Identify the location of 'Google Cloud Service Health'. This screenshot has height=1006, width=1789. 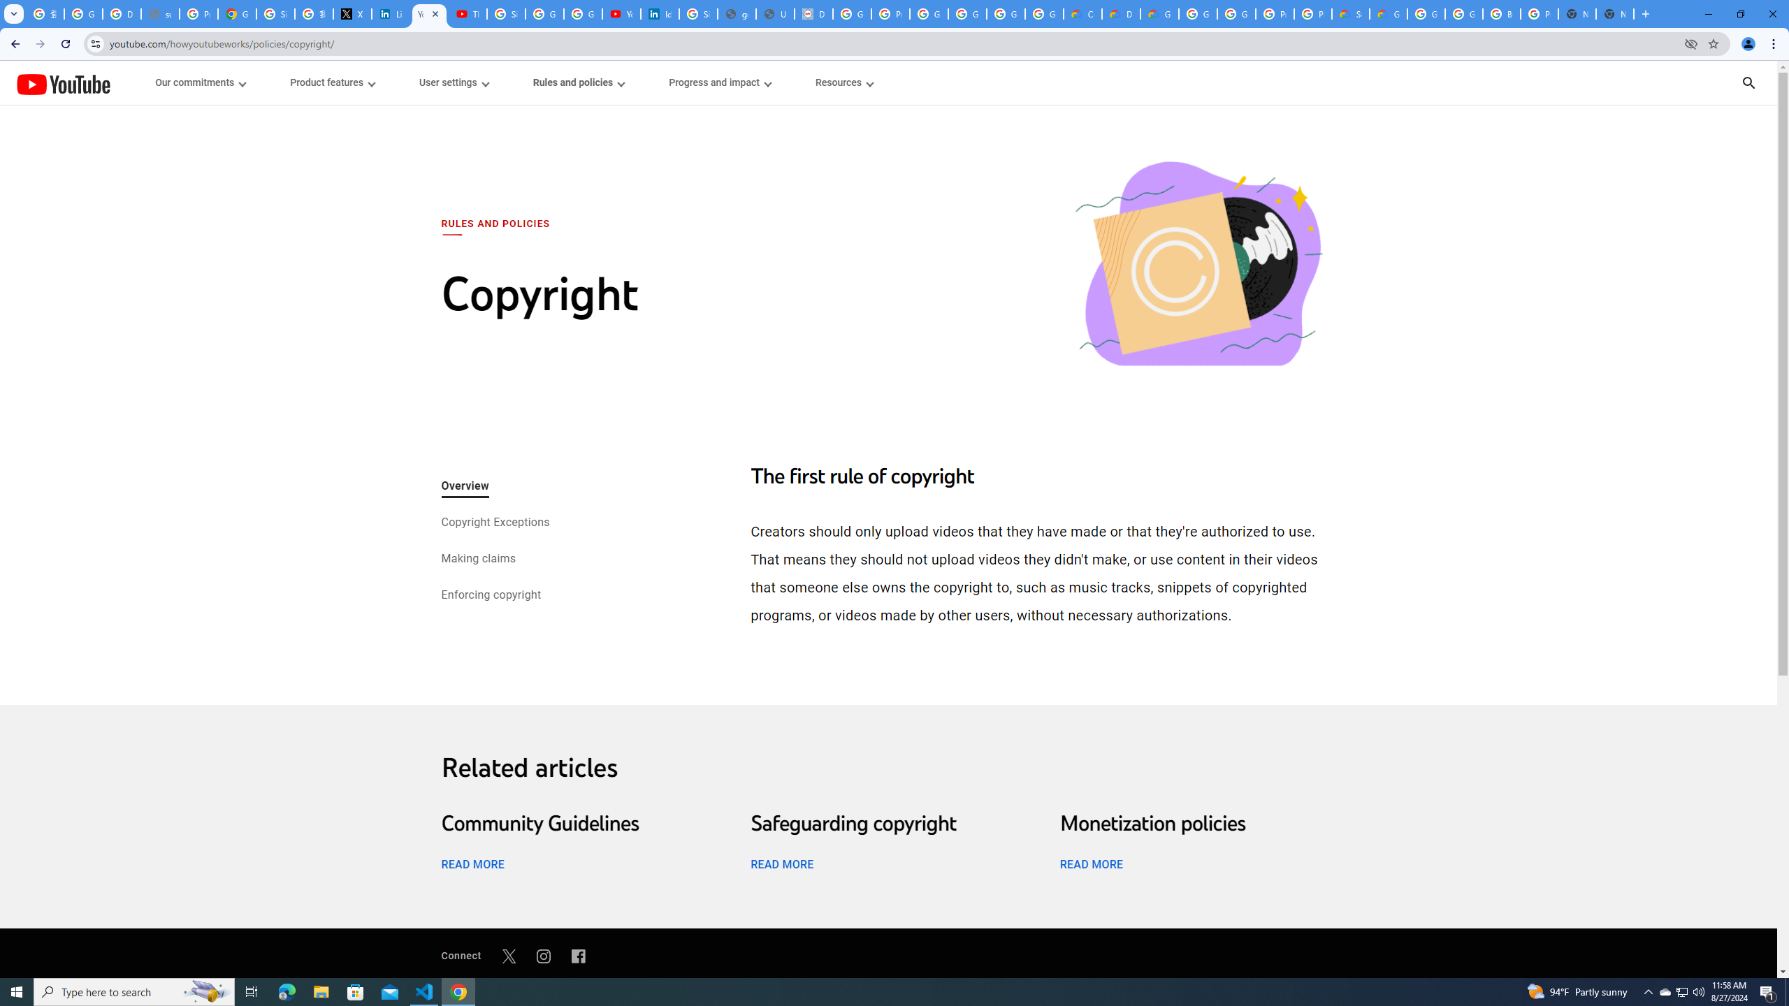
(1387, 13).